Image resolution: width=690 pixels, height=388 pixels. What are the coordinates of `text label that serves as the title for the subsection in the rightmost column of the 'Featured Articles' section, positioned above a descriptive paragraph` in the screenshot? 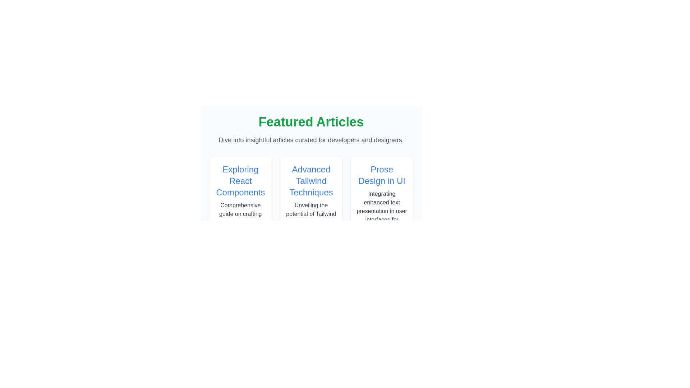 It's located at (381, 175).